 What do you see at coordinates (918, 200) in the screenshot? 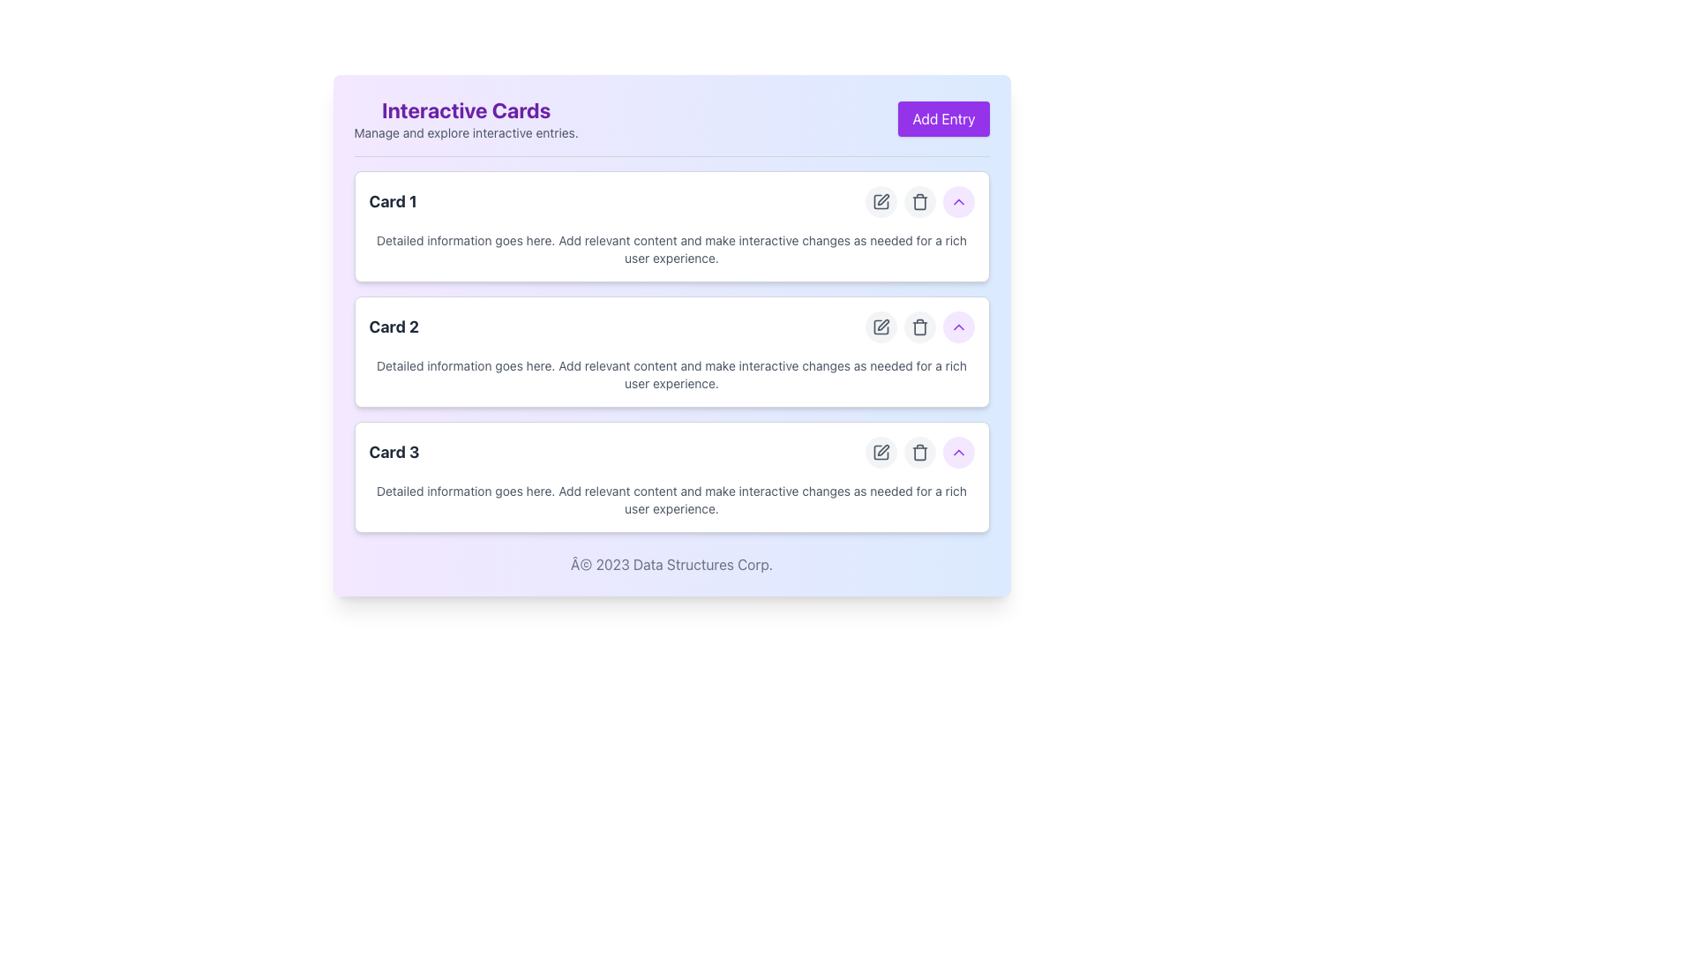
I see `the circular gray button containing a trash can icon, positioned on the right side of the first card in a vertical list, to trigger a visual response` at bounding box center [918, 200].